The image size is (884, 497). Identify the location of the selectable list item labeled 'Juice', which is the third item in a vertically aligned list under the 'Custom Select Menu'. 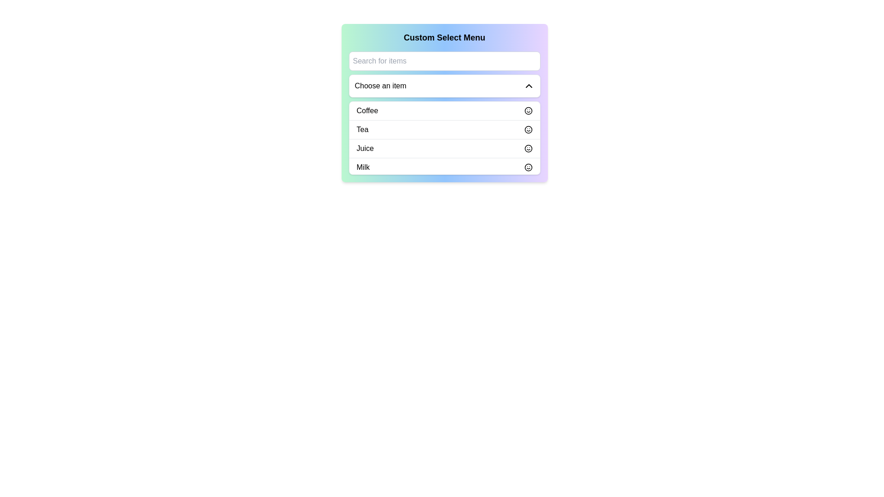
(444, 148).